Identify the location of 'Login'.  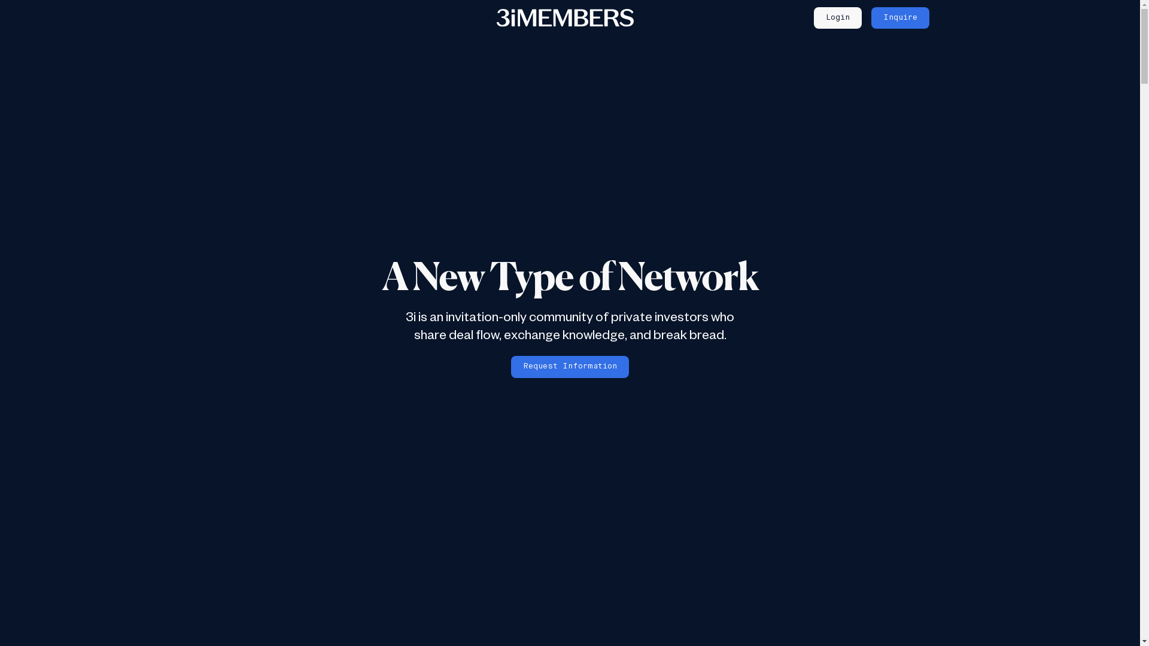
(837, 18).